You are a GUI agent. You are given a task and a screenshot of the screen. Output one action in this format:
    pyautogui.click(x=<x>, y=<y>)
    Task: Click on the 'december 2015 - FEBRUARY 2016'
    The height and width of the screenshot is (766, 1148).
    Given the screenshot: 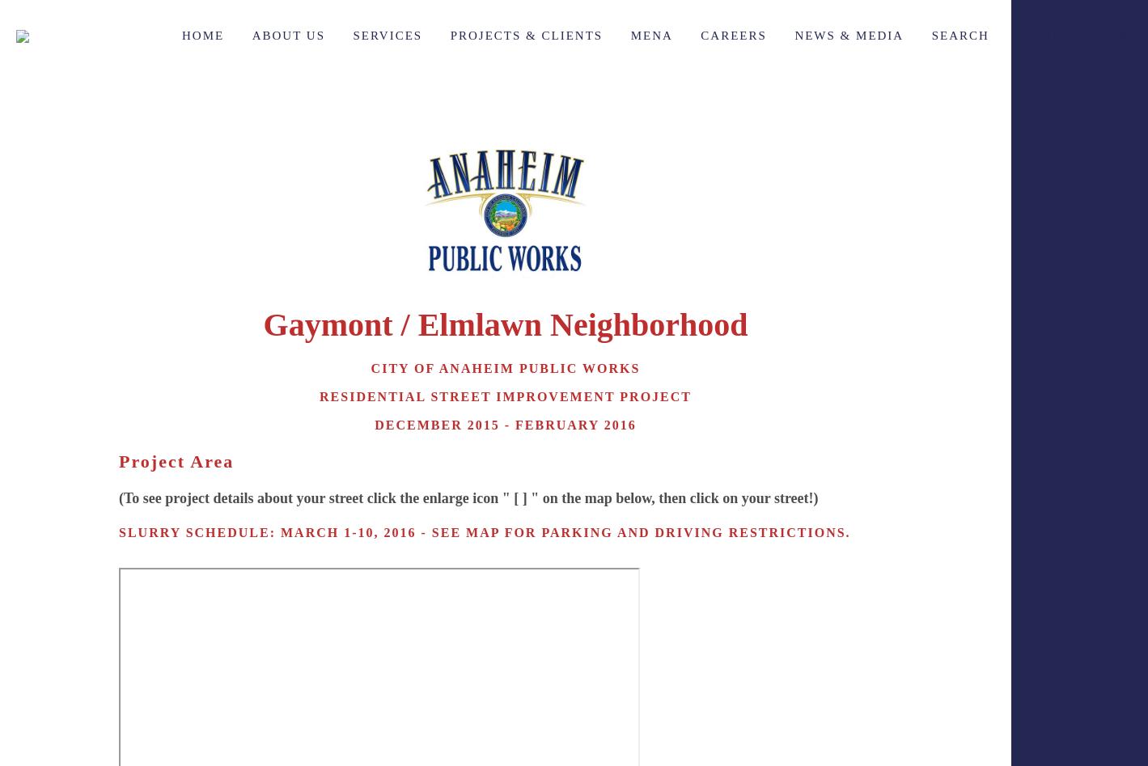 What is the action you would take?
    pyautogui.click(x=374, y=424)
    